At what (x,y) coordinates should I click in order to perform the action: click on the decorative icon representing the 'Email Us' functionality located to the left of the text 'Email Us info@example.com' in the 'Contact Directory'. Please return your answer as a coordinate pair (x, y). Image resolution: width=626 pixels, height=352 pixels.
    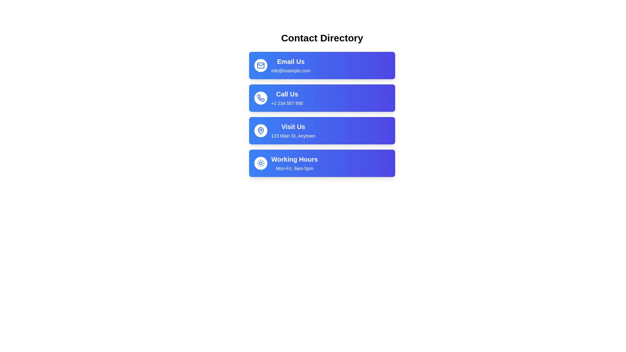
    Looking at the image, I should click on (261, 65).